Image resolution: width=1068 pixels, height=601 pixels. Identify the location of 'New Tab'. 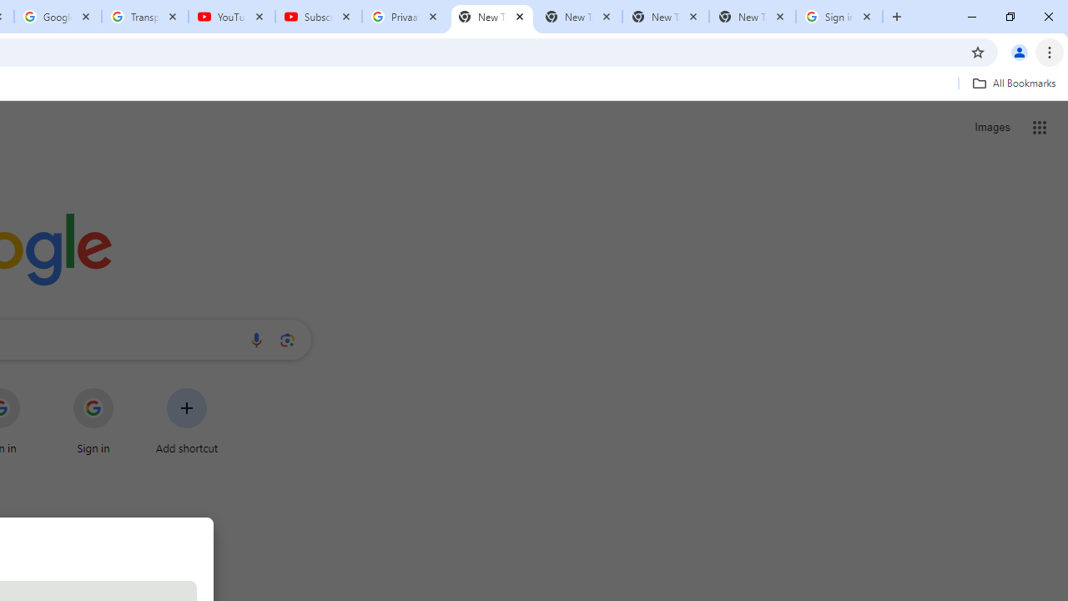
(751, 17).